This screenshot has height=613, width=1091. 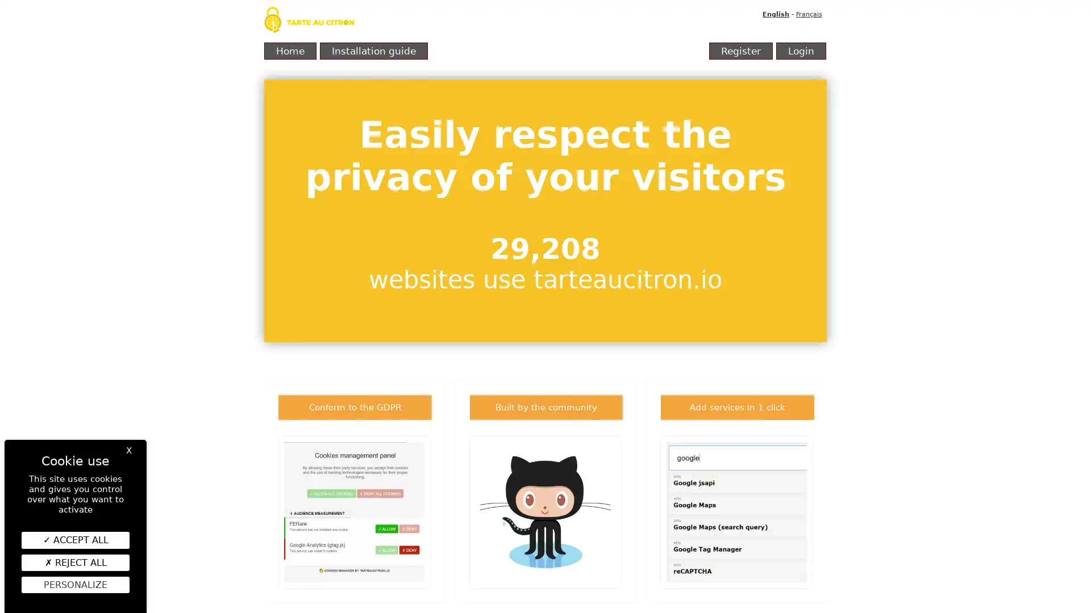 I want to click on ACCEPT ALL, so click(x=75, y=539).